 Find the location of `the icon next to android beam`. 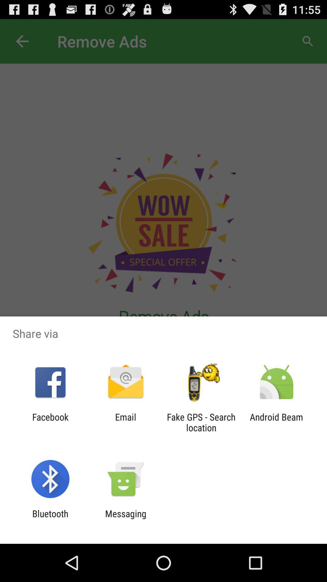

the icon next to android beam is located at coordinates (201, 422).